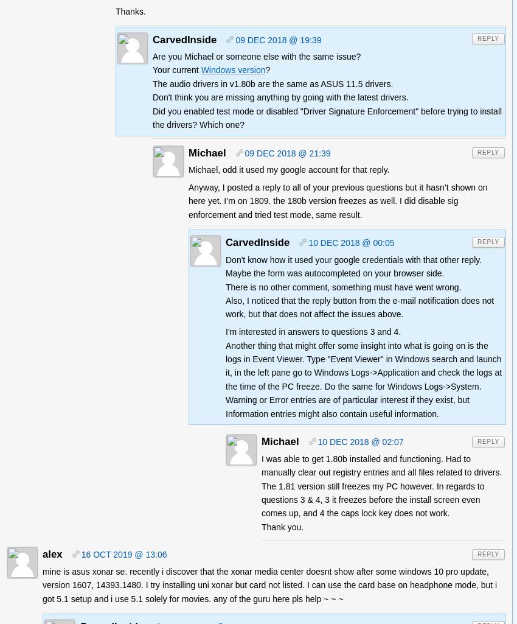  I want to click on 'Windows version', so click(232, 70).